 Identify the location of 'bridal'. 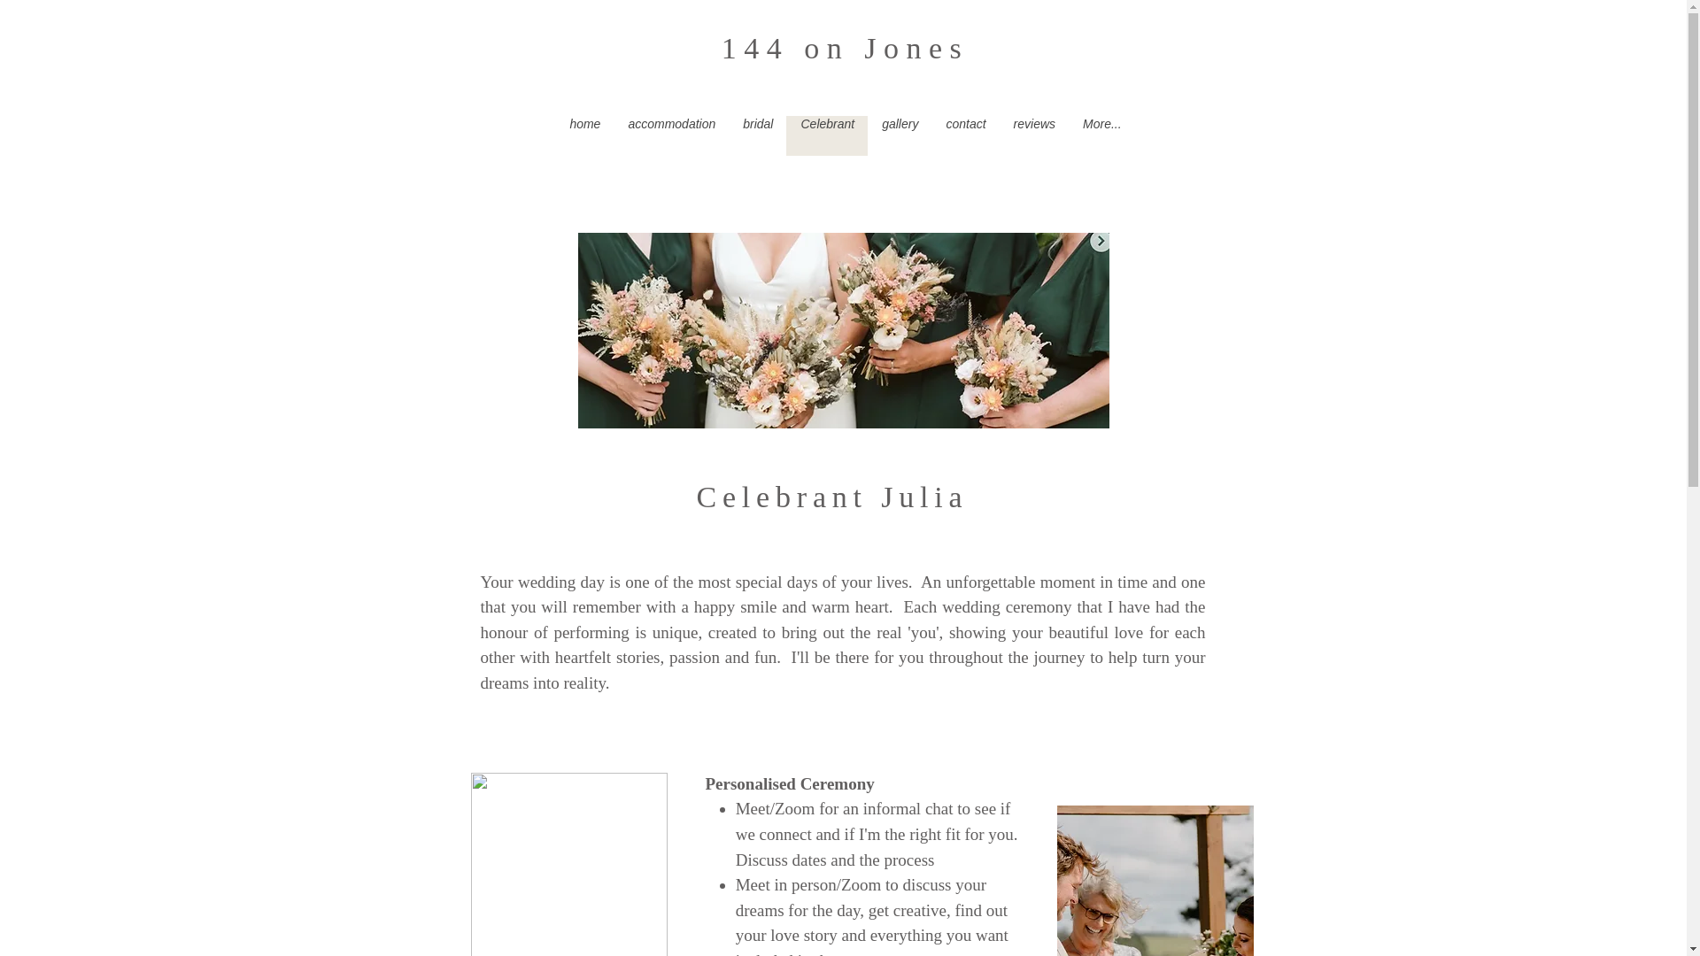
(757, 135).